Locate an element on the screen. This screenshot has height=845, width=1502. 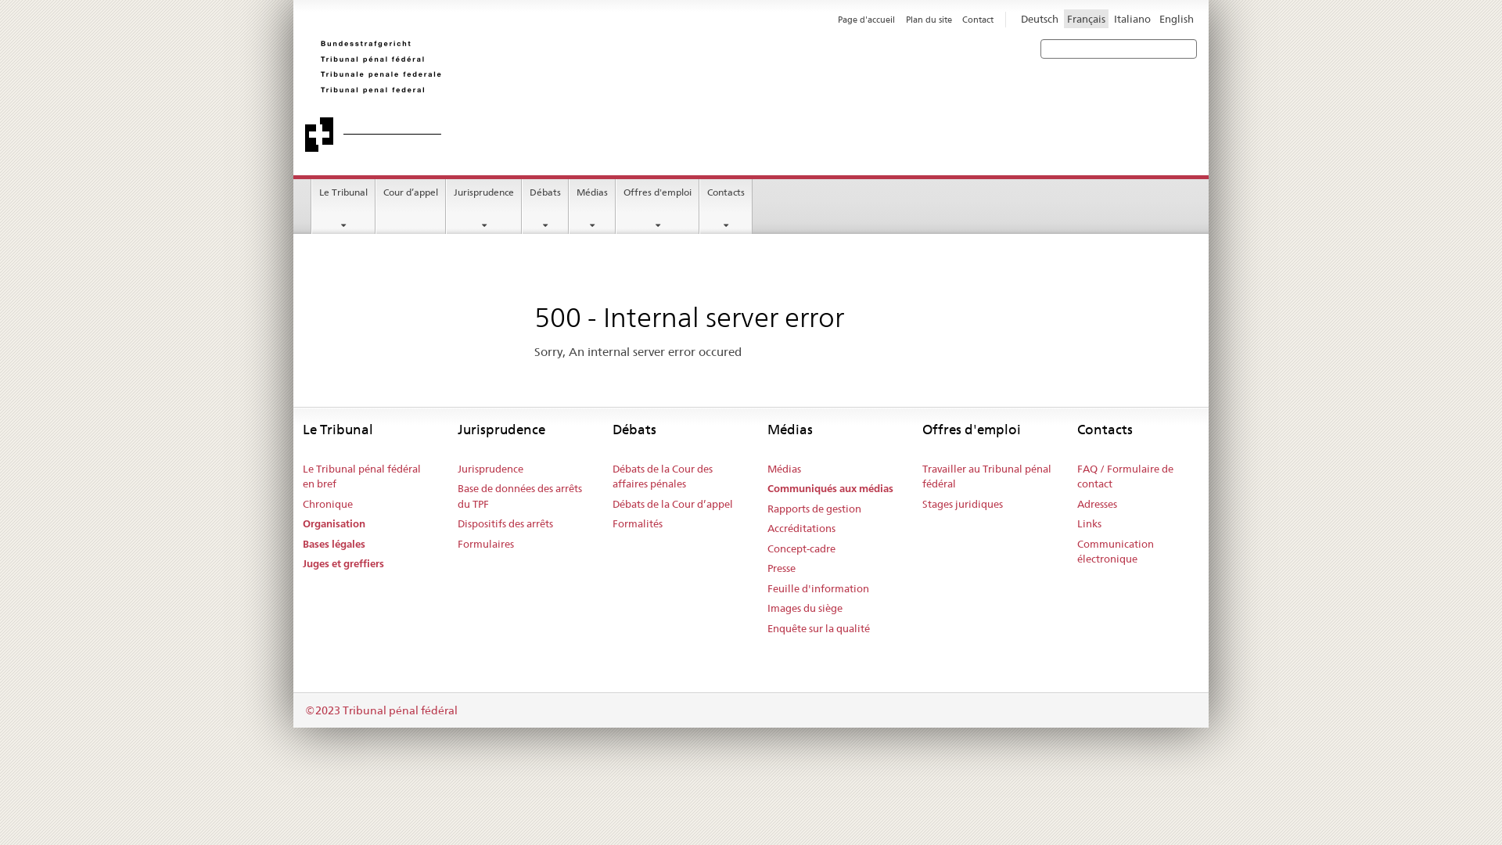
'Offres d'emploi' is located at coordinates (657, 205).